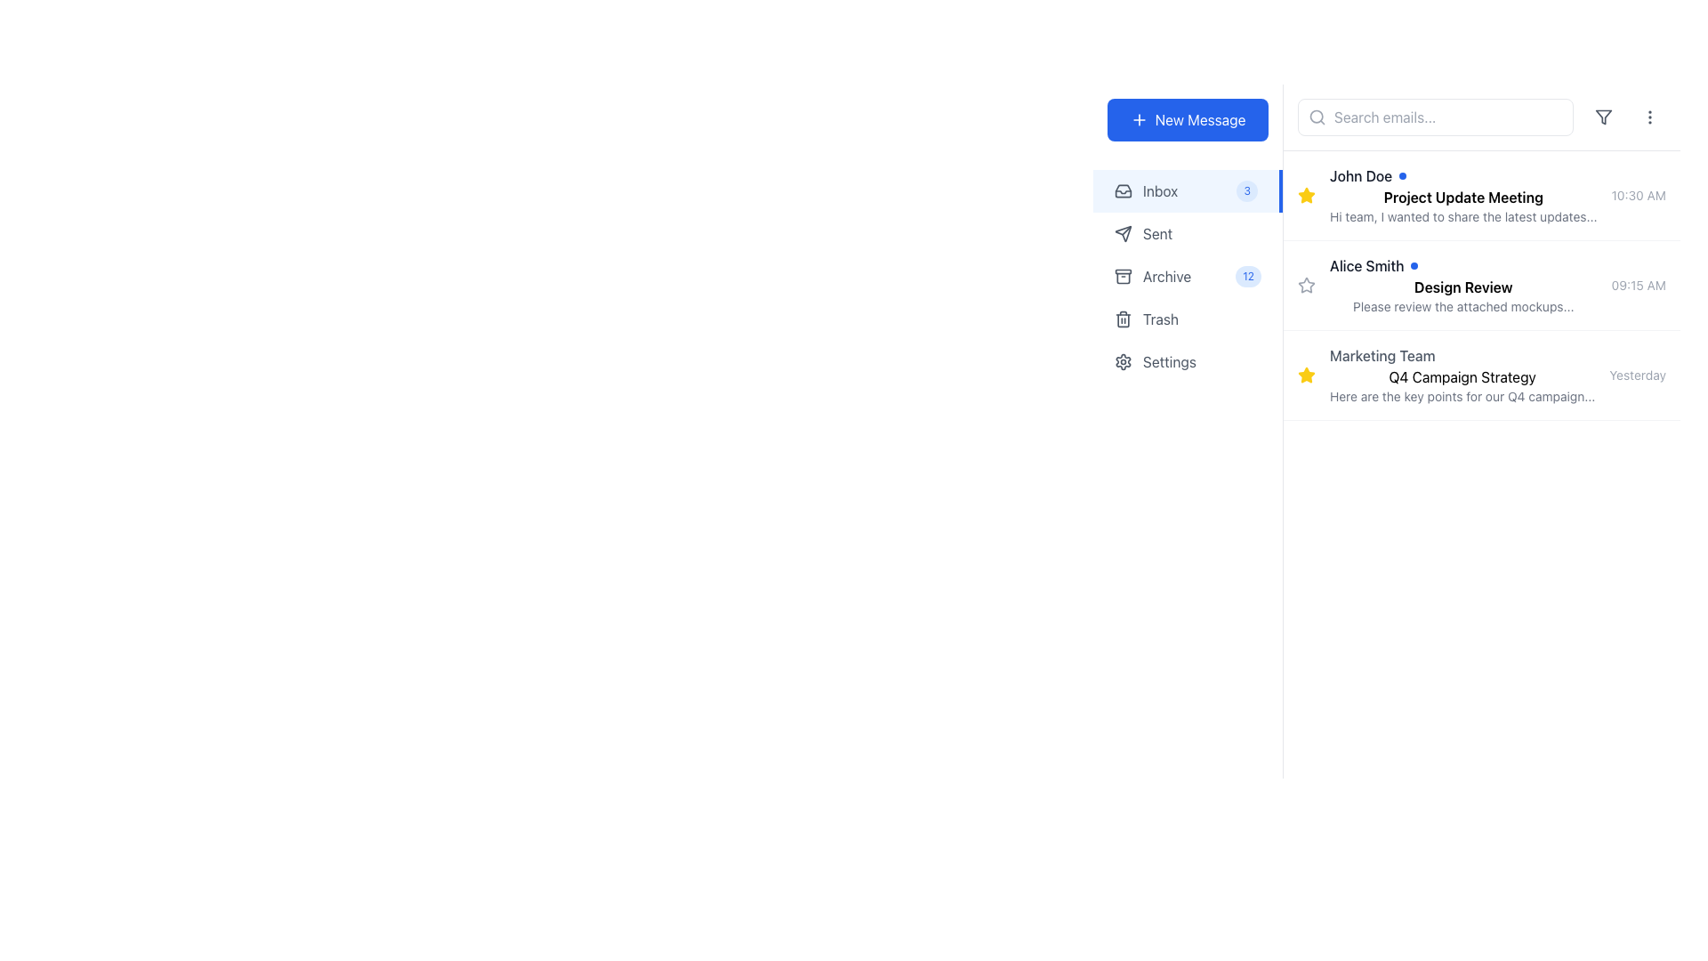  Describe the element at coordinates (1122, 192) in the screenshot. I see `the triangular downwards arrow component of the 'Inbox' icon located in the left navigation bar` at that location.